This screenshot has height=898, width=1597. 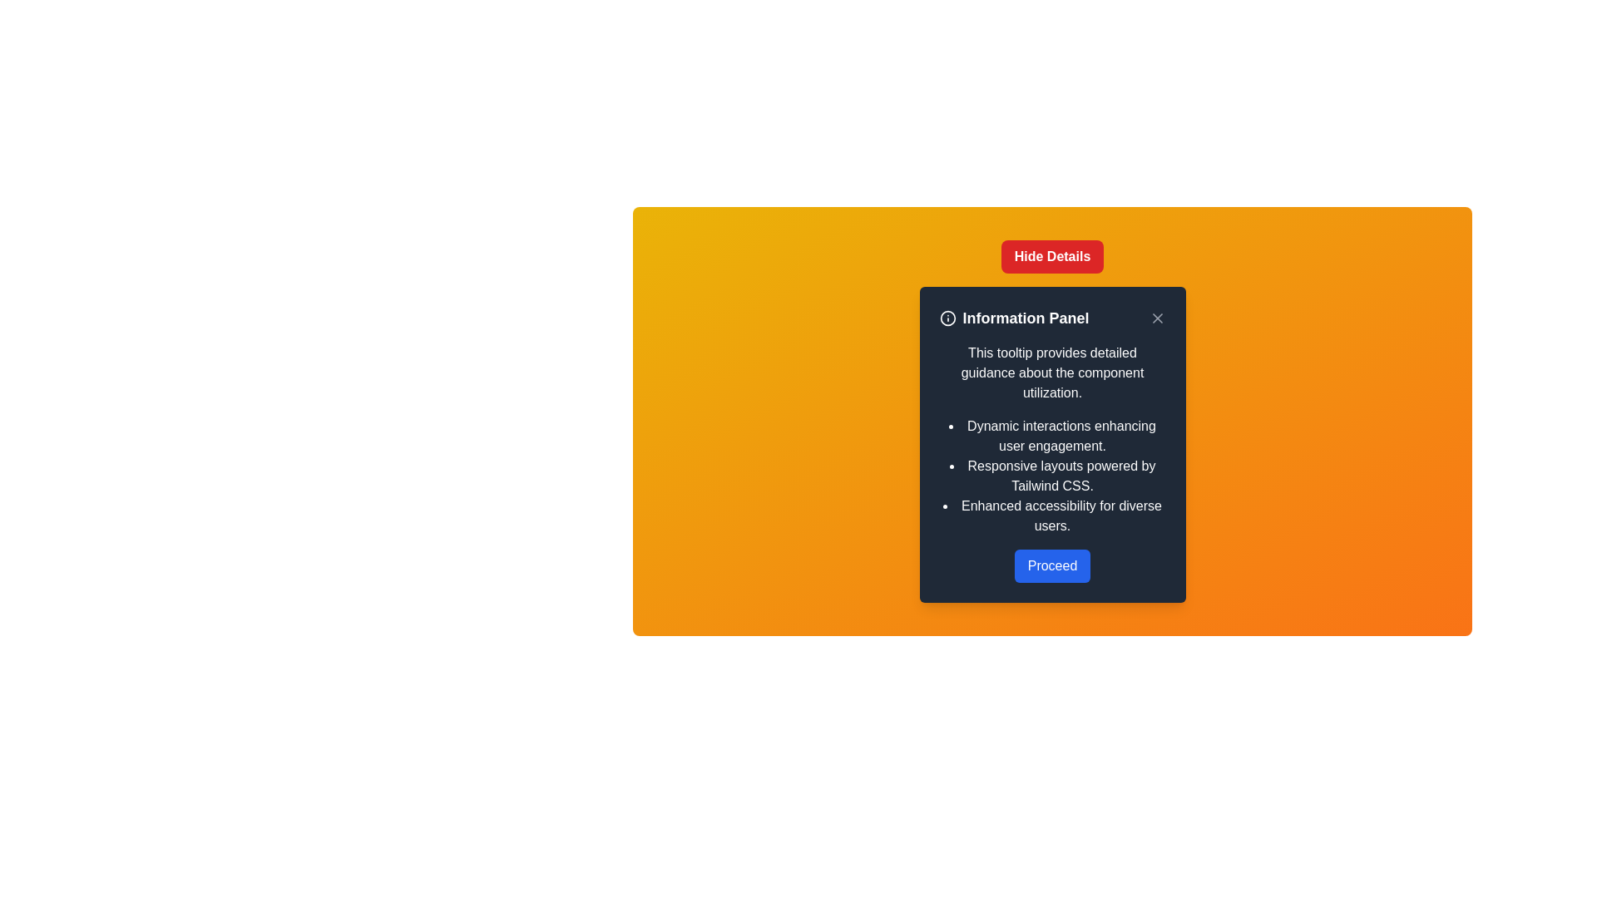 What do you see at coordinates (947, 318) in the screenshot?
I see `the hollow circular SVG element located at the top-left of the tooltip panel, which is part of the informational icon in the 'Information Panel'` at bounding box center [947, 318].